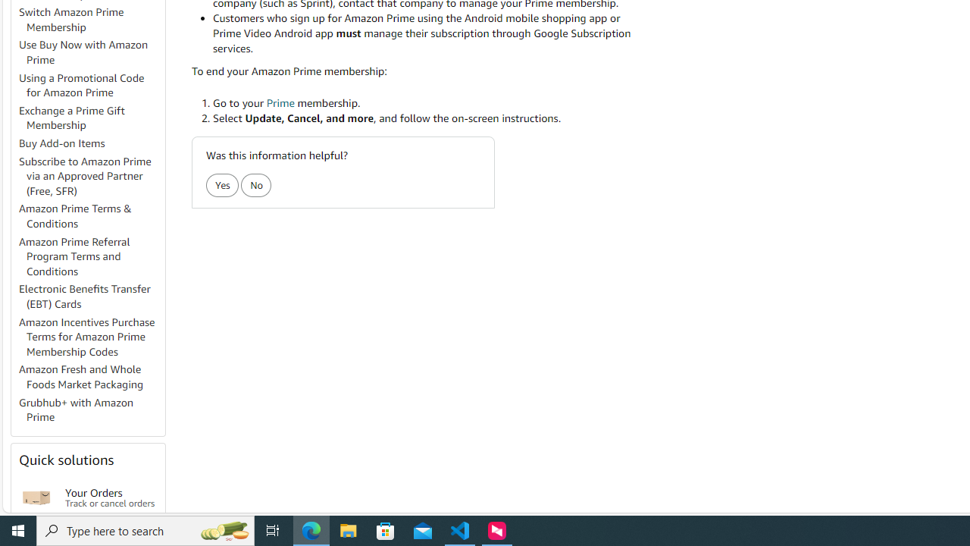 This screenshot has height=546, width=970. Describe the element at coordinates (74, 215) in the screenshot. I see `'Amazon Prime Terms & Conditions'` at that location.